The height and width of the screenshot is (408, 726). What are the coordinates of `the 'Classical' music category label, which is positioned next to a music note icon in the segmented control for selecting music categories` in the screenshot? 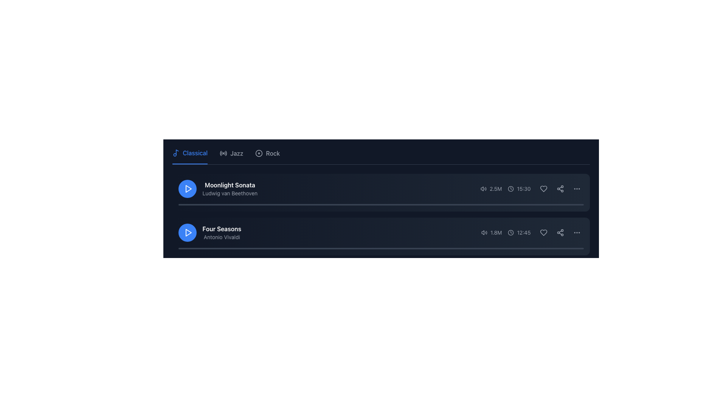 It's located at (195, 153).